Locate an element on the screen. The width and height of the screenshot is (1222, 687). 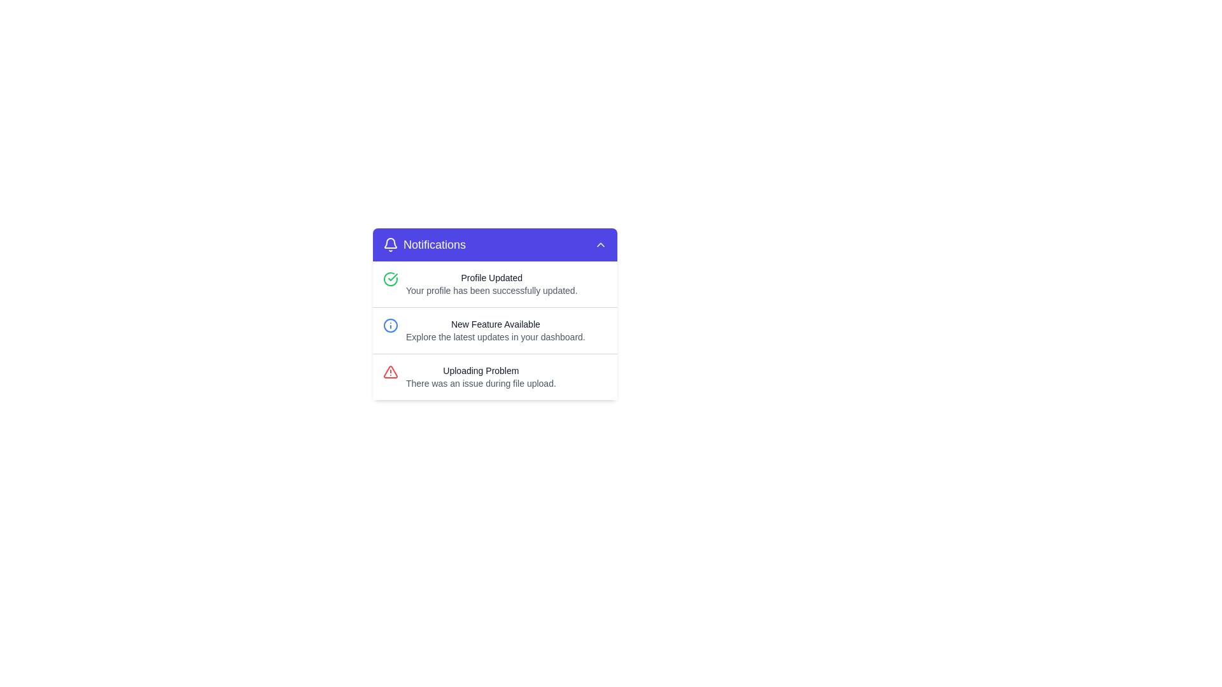
the informative icon located to the left of the text 'New Feature Available Explore the latest updates in your dashboard.' in the notification panel is located at coordinates (390, 325).